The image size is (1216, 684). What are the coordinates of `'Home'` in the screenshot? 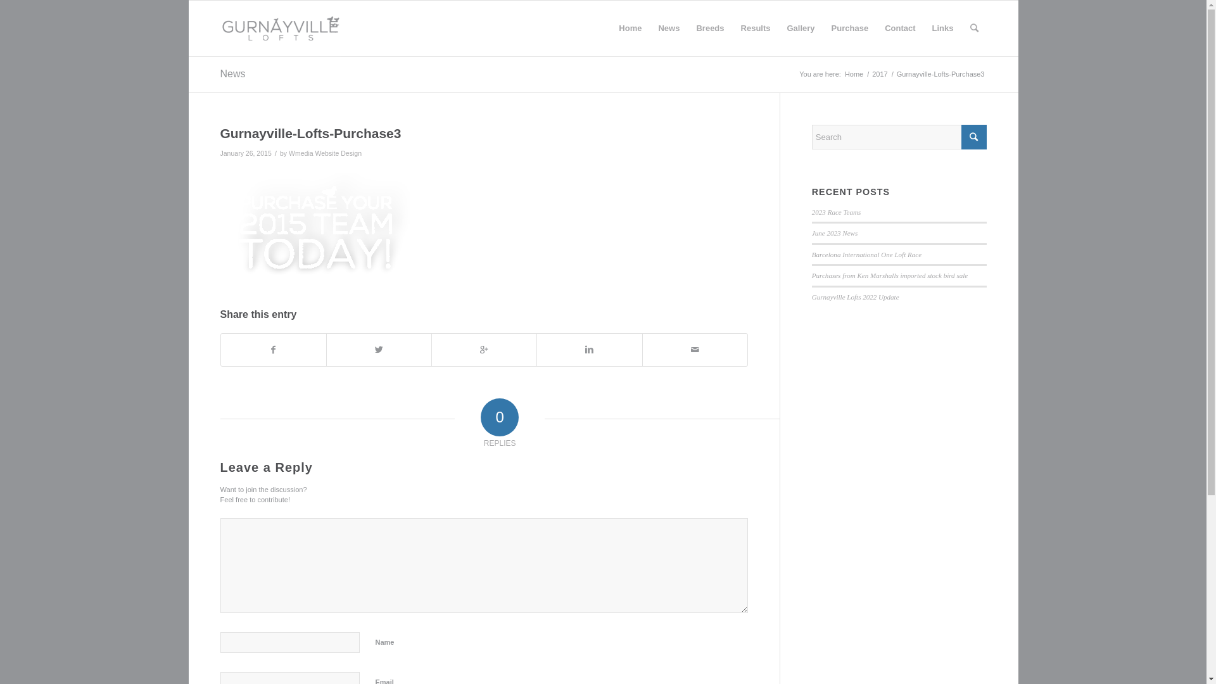 It's located at (630, 28).